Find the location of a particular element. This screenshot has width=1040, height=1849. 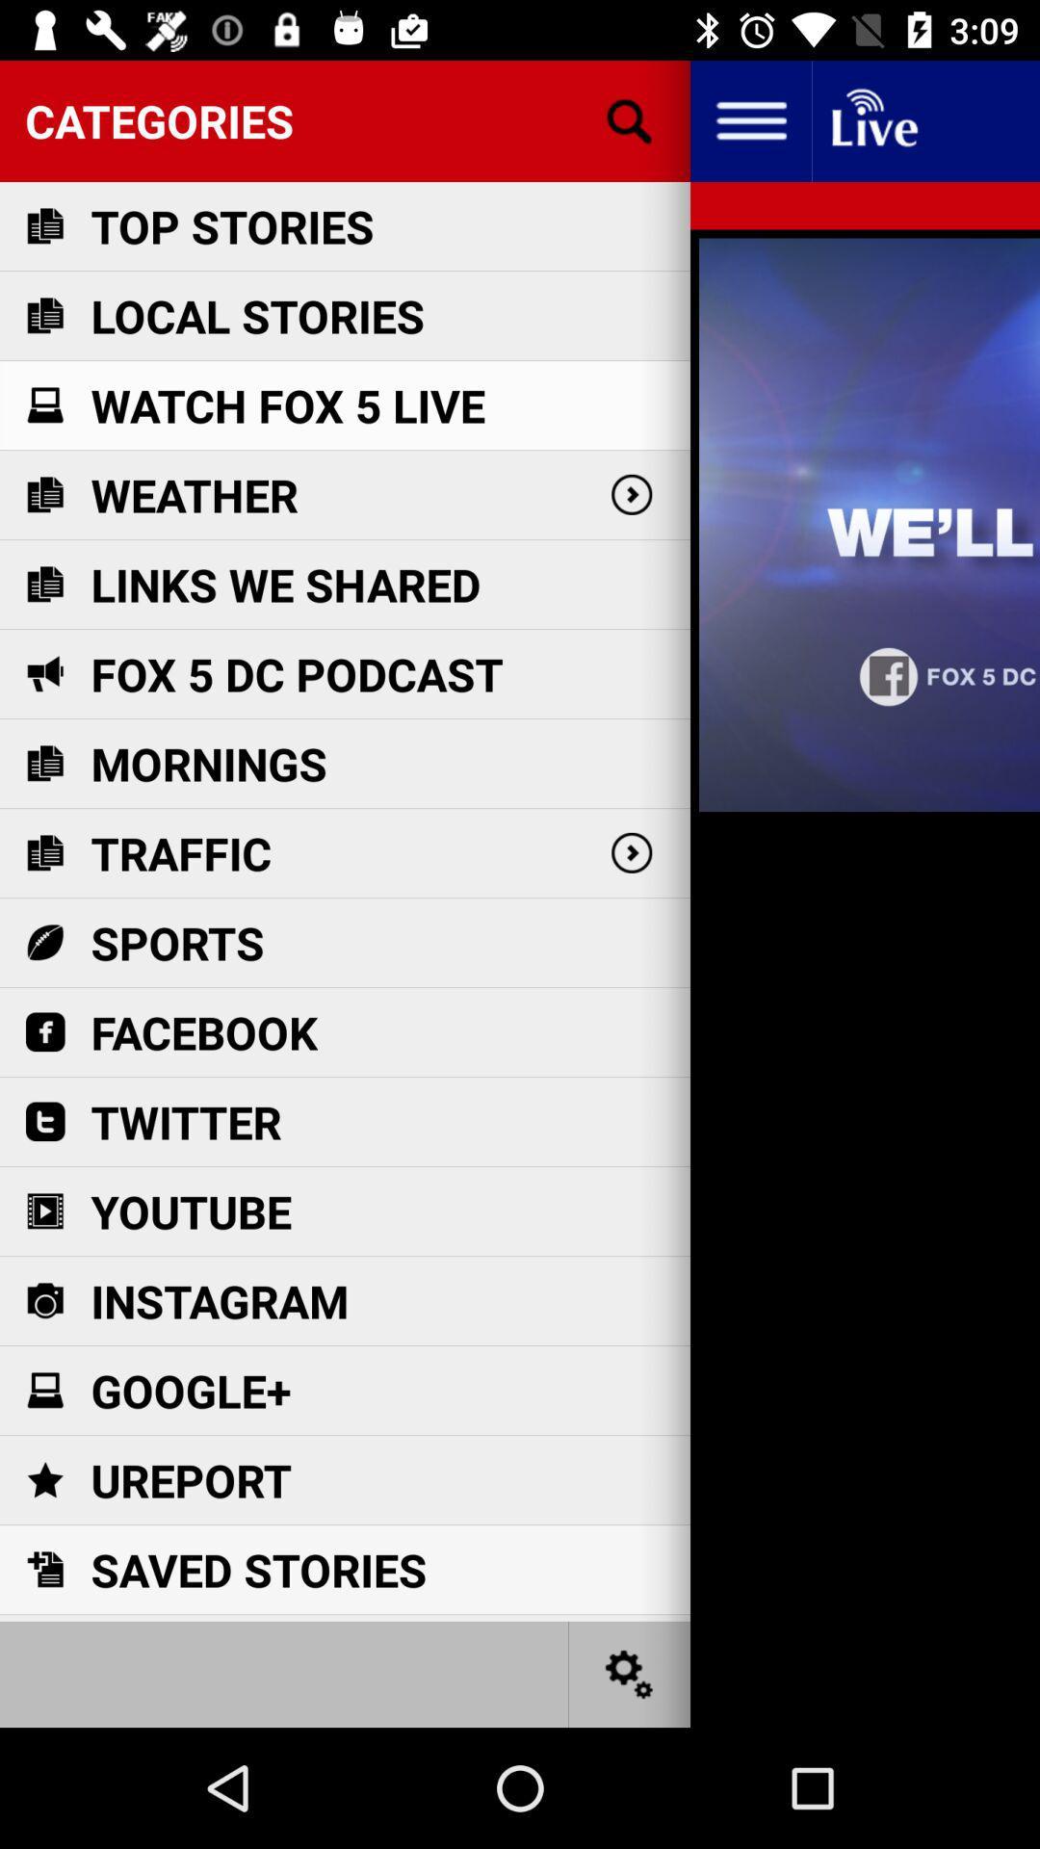

item below sports is located at coordinates (204, 1031).